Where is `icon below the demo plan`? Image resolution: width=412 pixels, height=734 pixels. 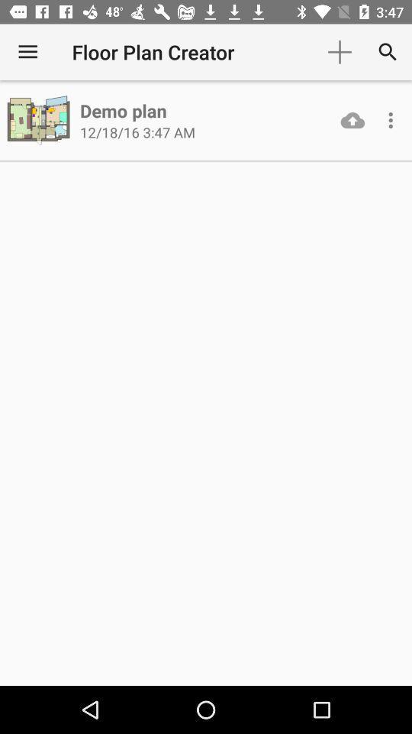
icon below the demo plan is located at coordinates (137, 132).